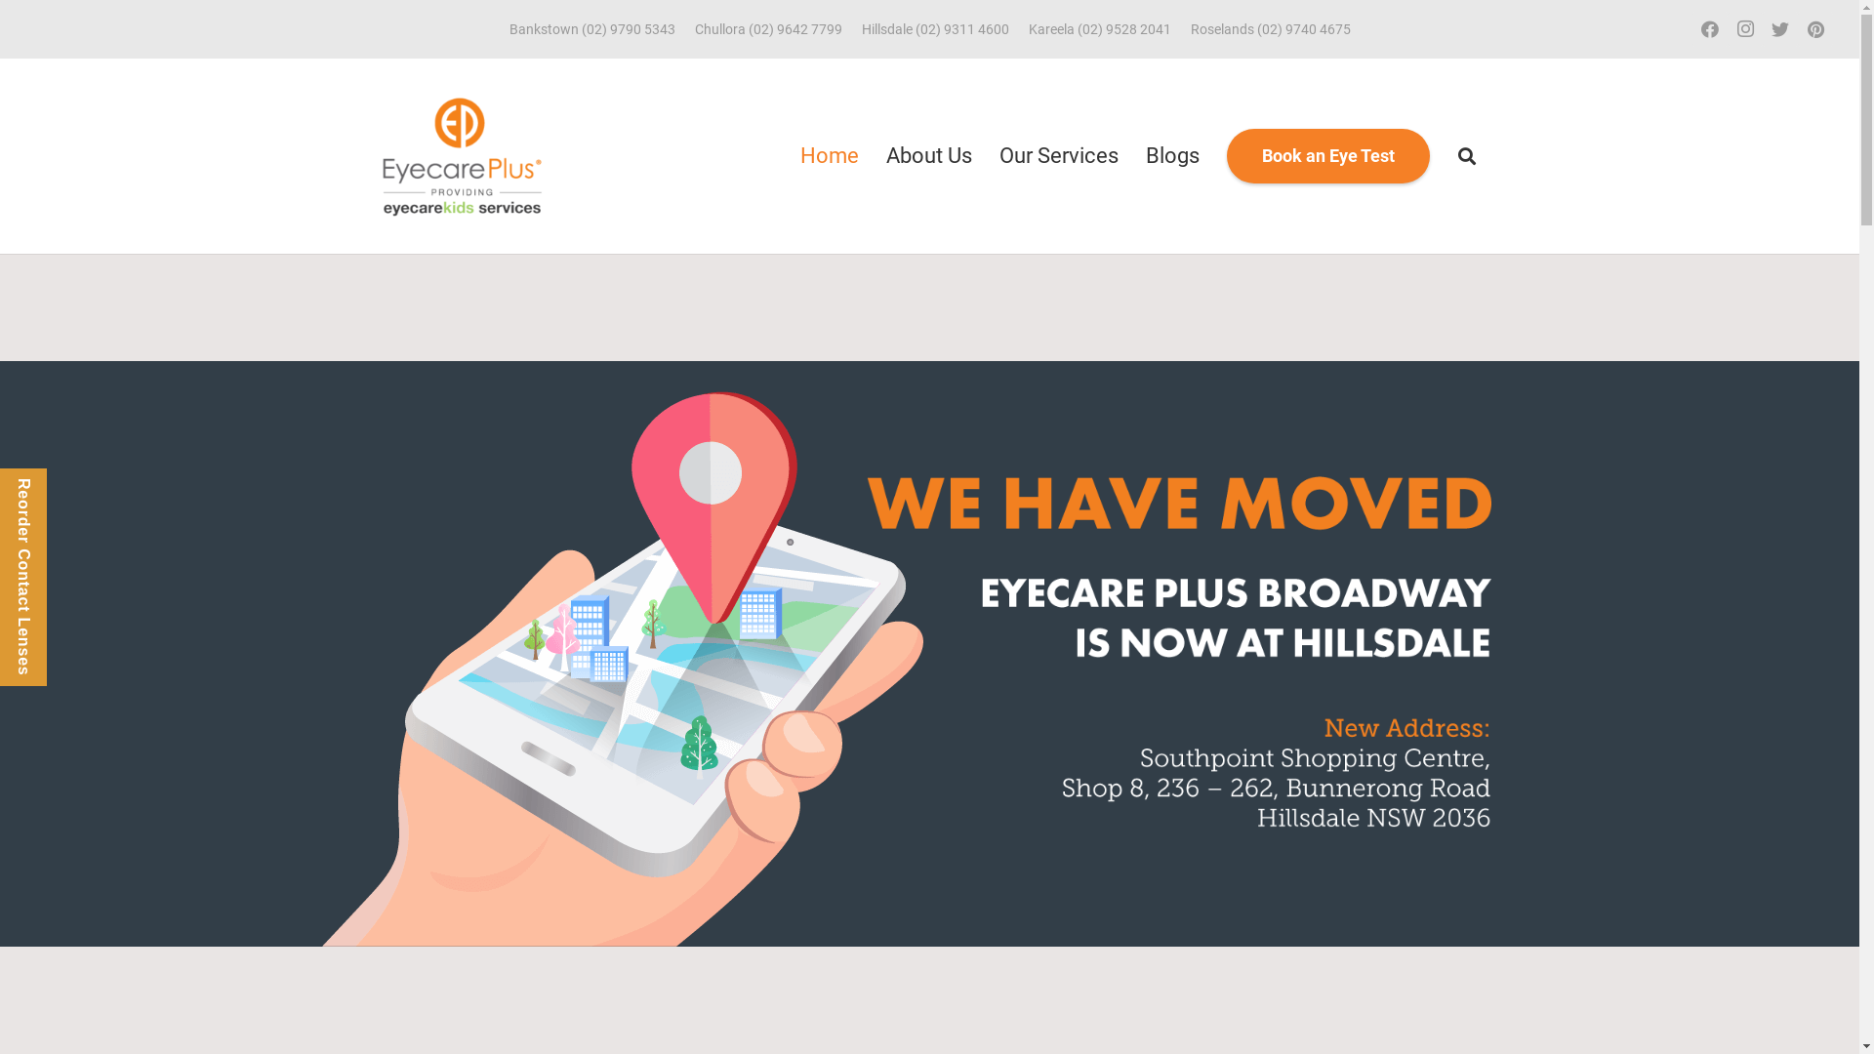 This screenshot has width=1874, height=1054. I want to click on 'Home', so click(787, 154).